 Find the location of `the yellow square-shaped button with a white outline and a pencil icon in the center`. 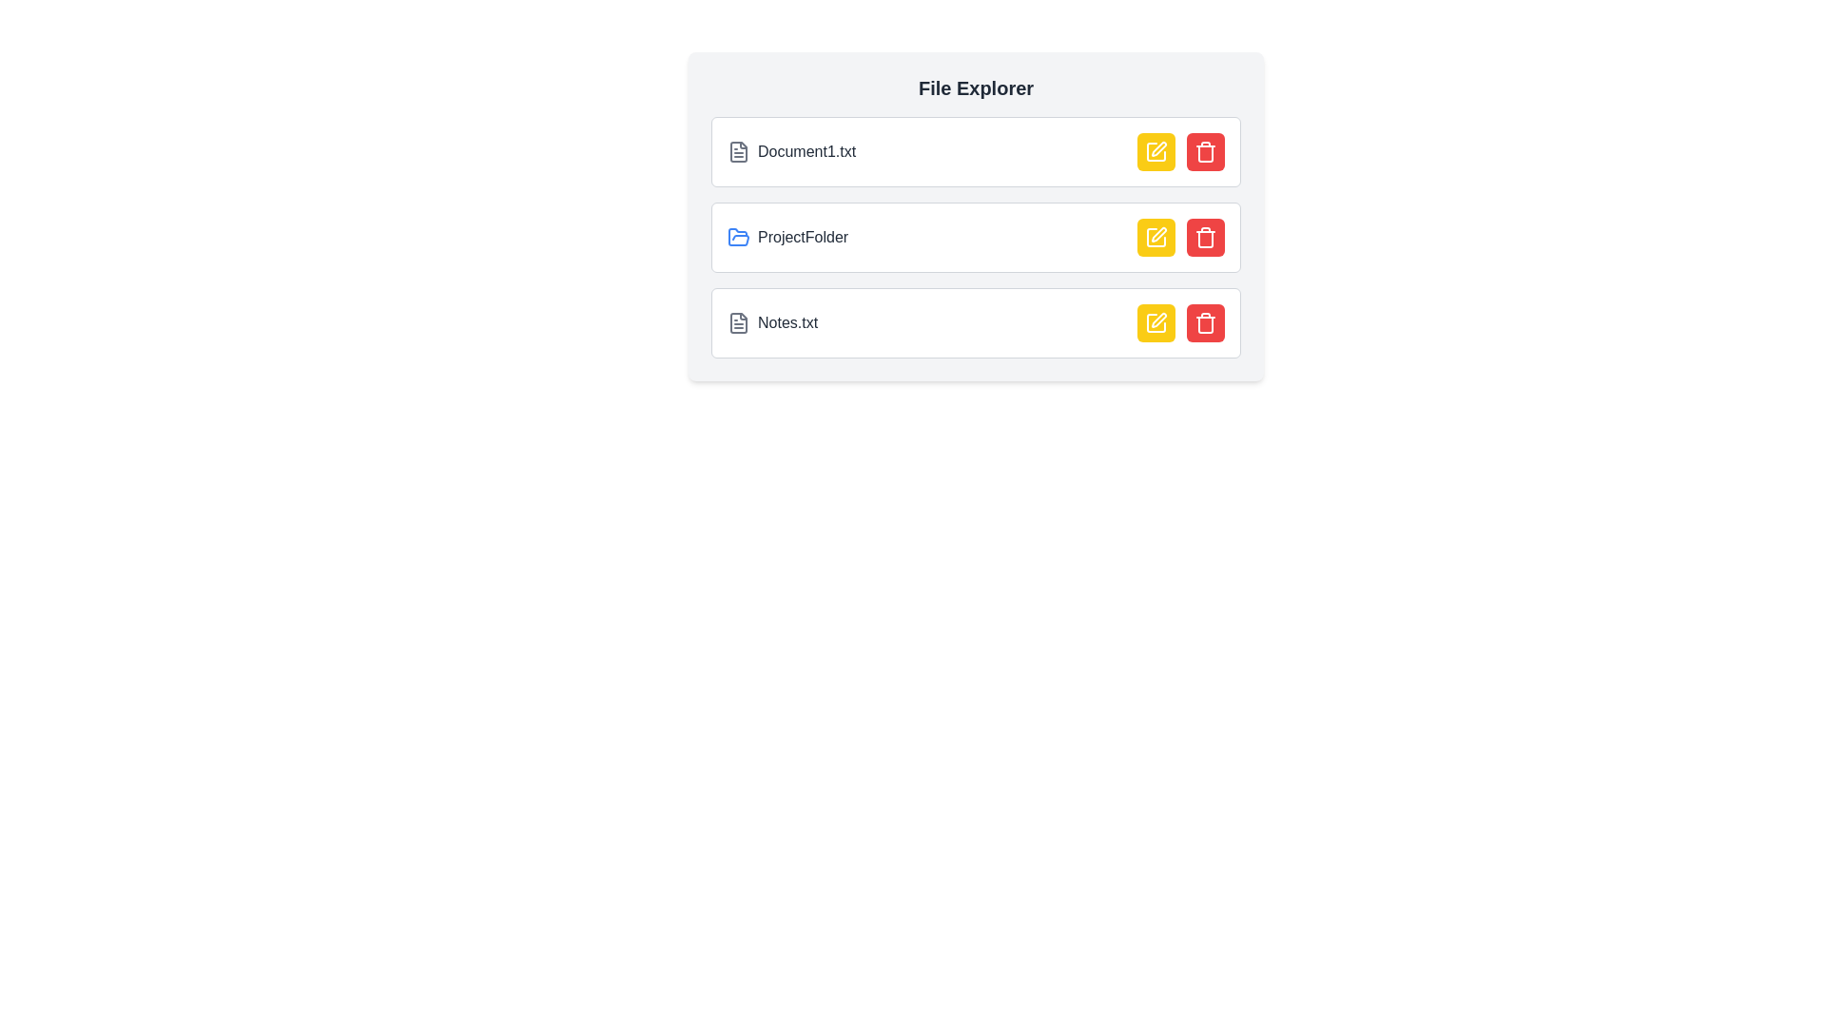

the yellow square-shaped button with a white outline and a pencil icon in the center is located at coordinates (1155, 150).